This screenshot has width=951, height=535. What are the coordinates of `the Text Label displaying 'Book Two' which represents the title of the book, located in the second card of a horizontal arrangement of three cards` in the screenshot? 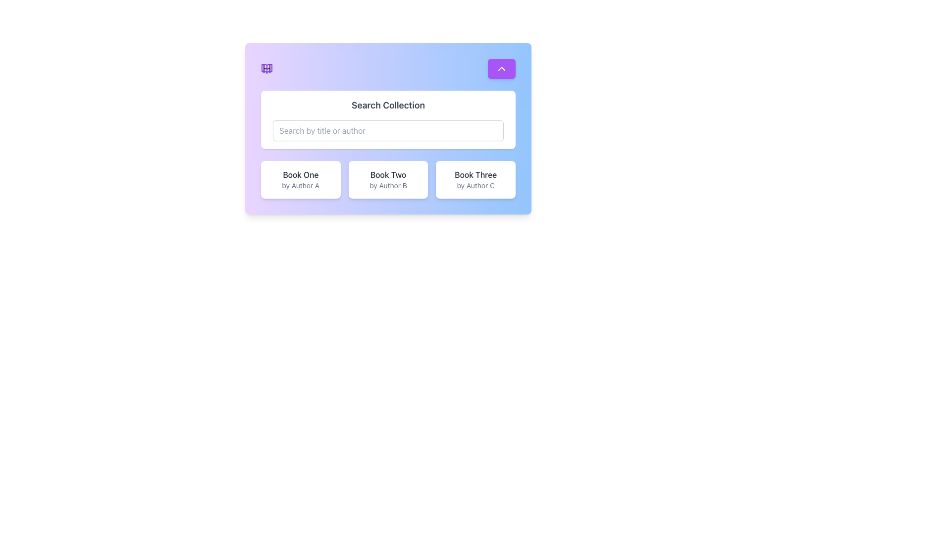 It's located at (387, 174).